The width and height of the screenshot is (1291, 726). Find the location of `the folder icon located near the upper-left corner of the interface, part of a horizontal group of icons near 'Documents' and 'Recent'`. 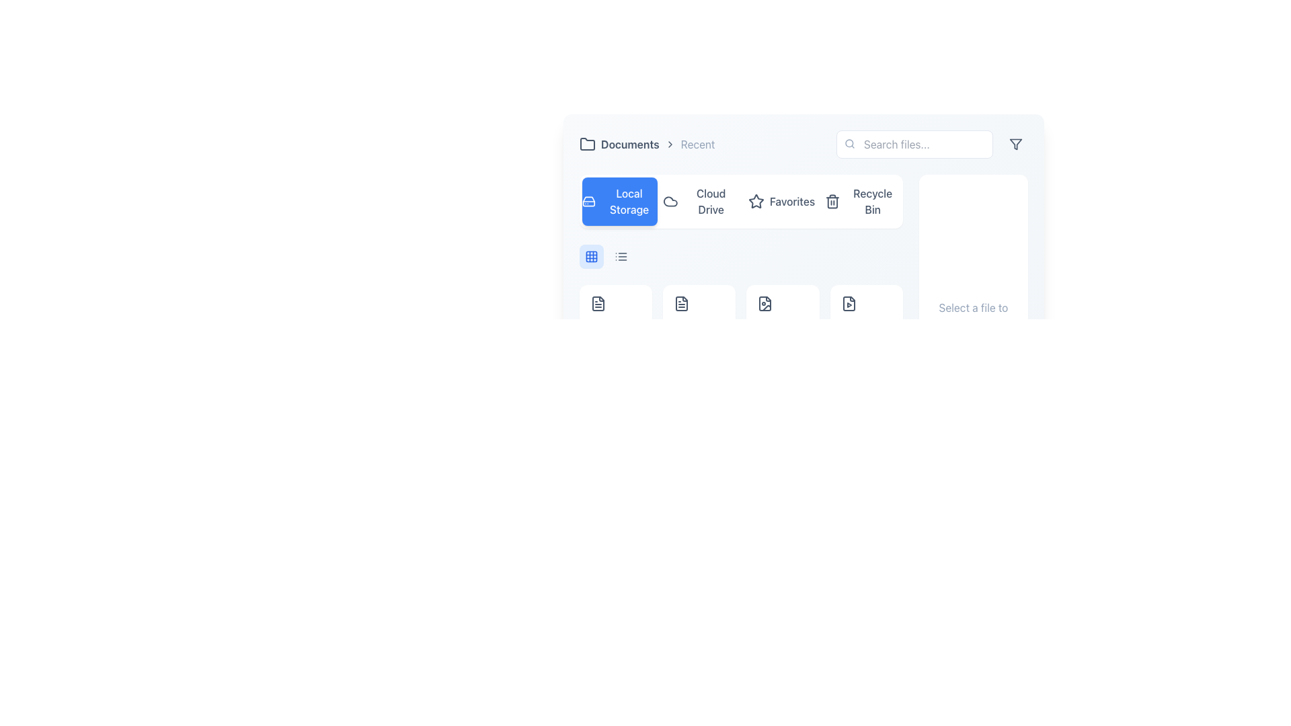

the folder icon located near the upper-left corner of the interface, part of a horizontal group of icons near 'Documents' and 'Recent' is located at coordinates (587, 144).